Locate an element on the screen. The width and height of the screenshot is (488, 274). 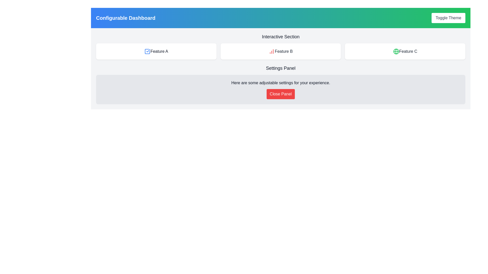
the checkbox icon with a blue outline and checkmark, located to the left of the label 'Feature A' in the top-left portion of the interface is located at coordinates (147, 52).